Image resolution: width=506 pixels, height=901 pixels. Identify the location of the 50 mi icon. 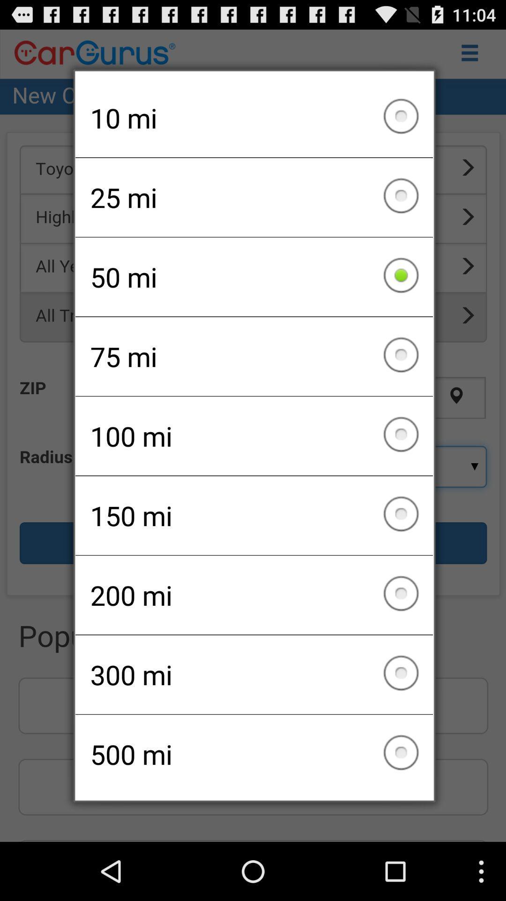
(254, 276).